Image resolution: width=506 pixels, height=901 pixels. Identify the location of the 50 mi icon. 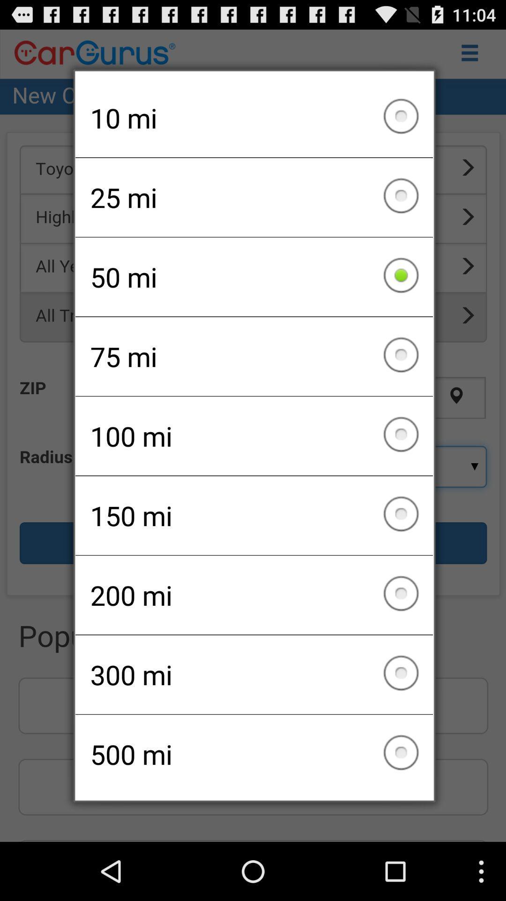
(254, 276).